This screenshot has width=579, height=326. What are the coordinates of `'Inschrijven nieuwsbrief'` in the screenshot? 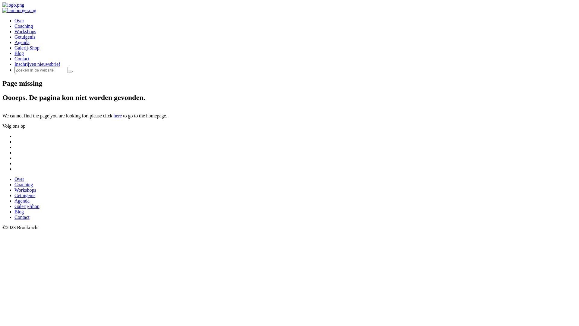 It's located at (37, 64).